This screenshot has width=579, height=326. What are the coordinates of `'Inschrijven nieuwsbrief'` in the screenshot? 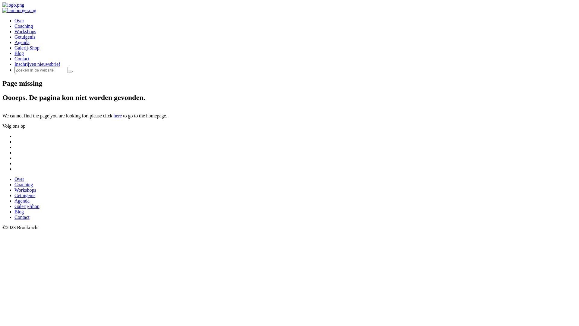 It's located at (37, 64).